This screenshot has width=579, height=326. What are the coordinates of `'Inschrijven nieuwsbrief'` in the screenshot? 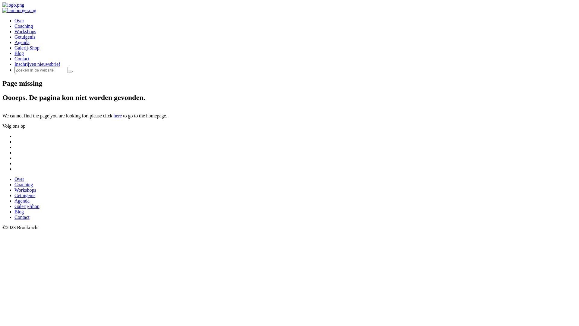 It's located at (37, 64).